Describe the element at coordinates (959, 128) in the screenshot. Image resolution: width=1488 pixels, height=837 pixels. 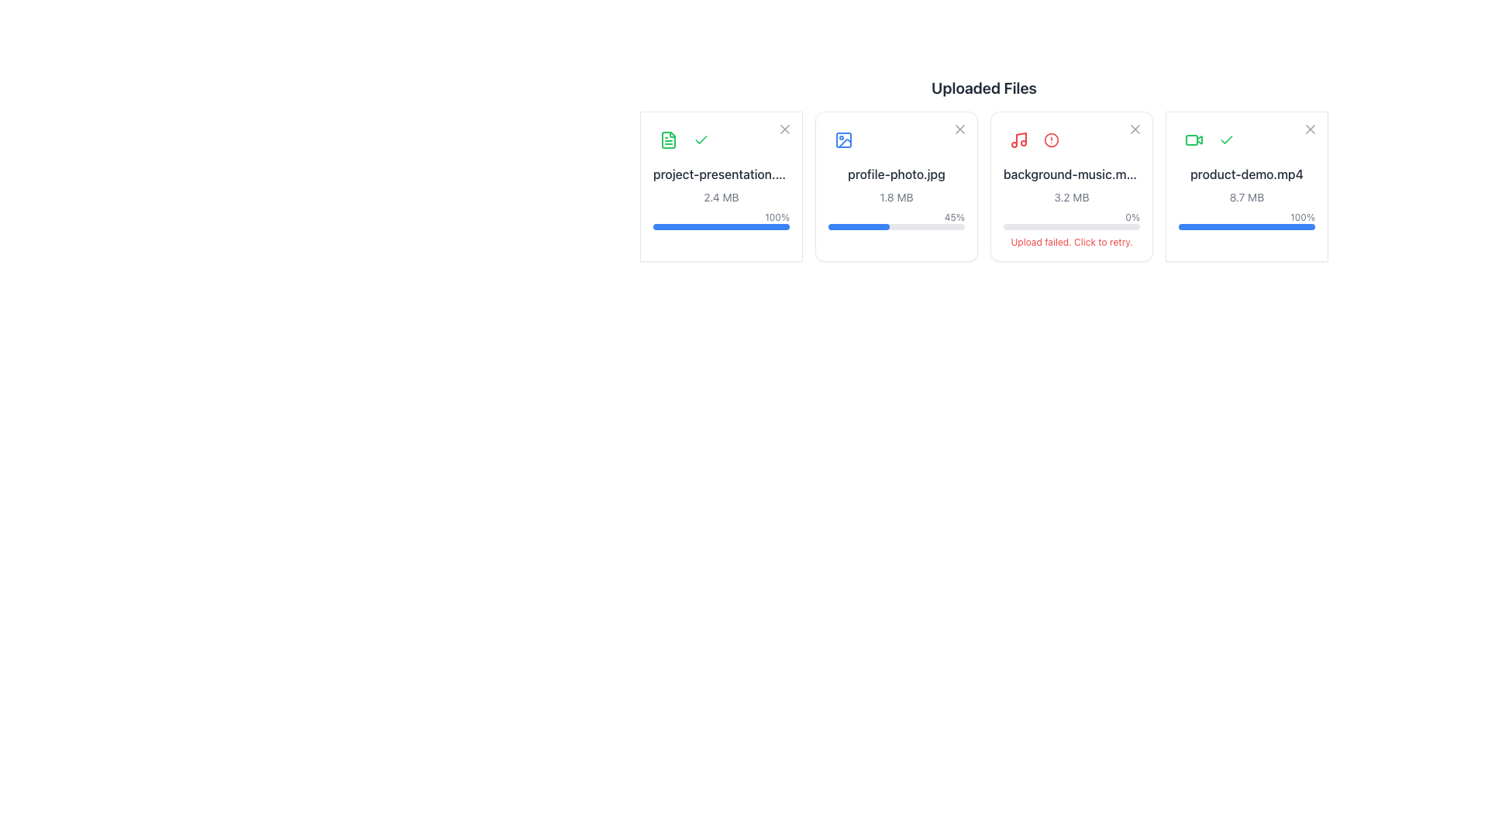
I see `the icon button in the top-right corner of the file card labeled 'profile-photo.jpg'` at that location.